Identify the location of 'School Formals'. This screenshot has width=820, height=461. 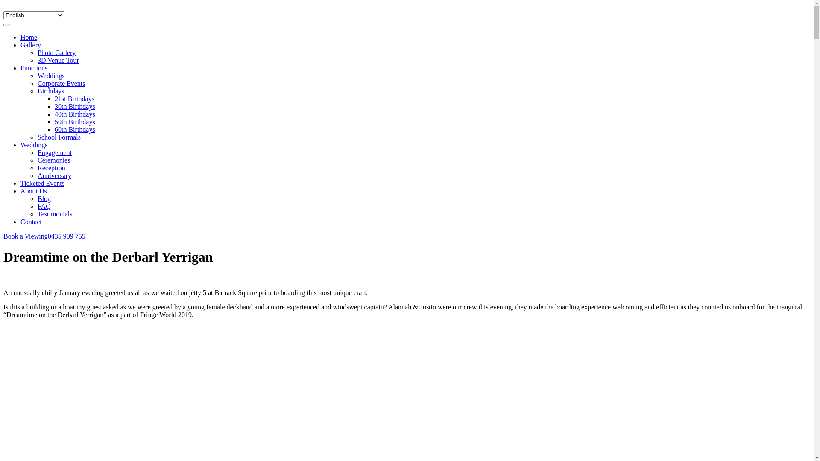
(37, 137).